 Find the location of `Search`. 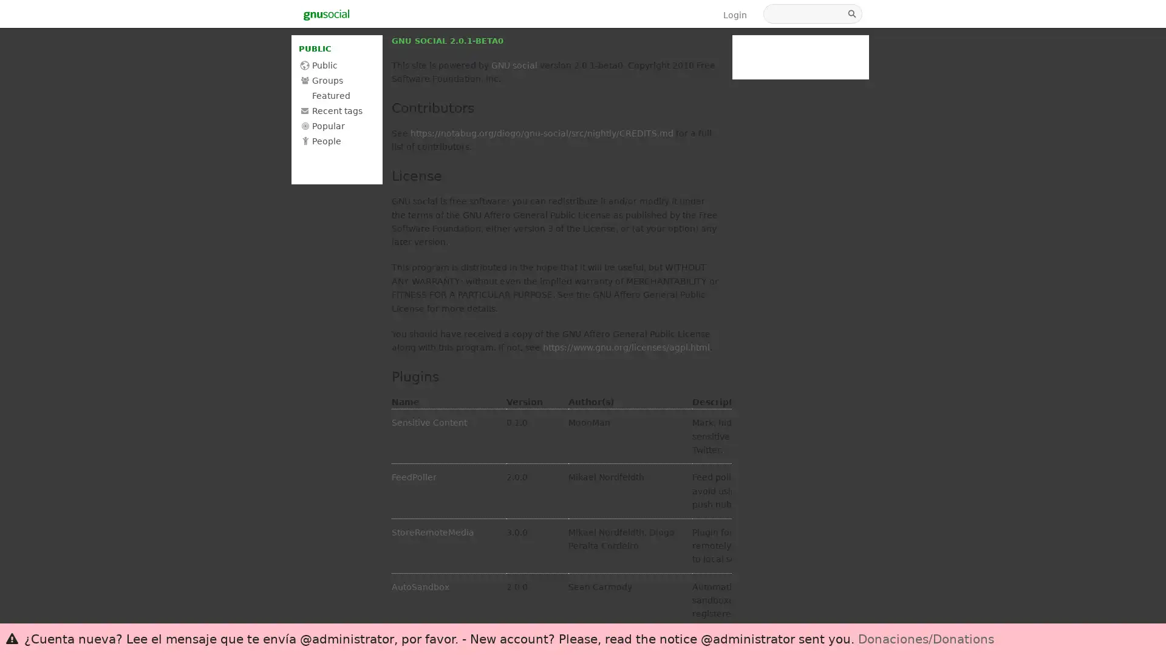

Search is located at coordinates (853, 14).